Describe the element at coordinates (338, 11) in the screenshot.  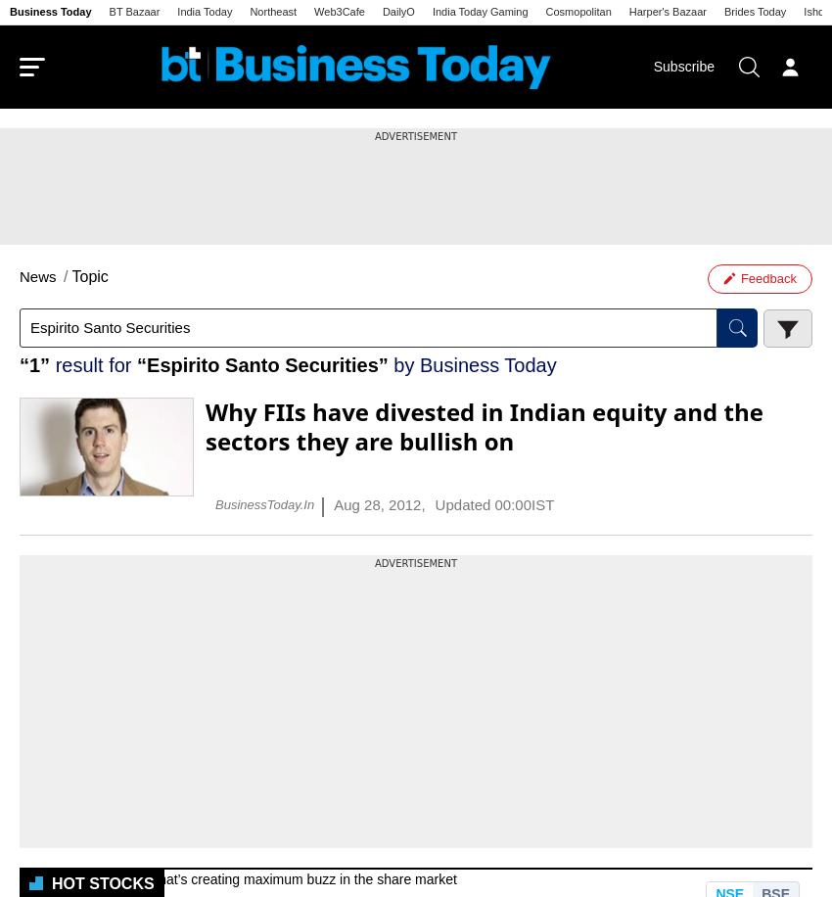
I see `'Web3Cafe'` at that location.